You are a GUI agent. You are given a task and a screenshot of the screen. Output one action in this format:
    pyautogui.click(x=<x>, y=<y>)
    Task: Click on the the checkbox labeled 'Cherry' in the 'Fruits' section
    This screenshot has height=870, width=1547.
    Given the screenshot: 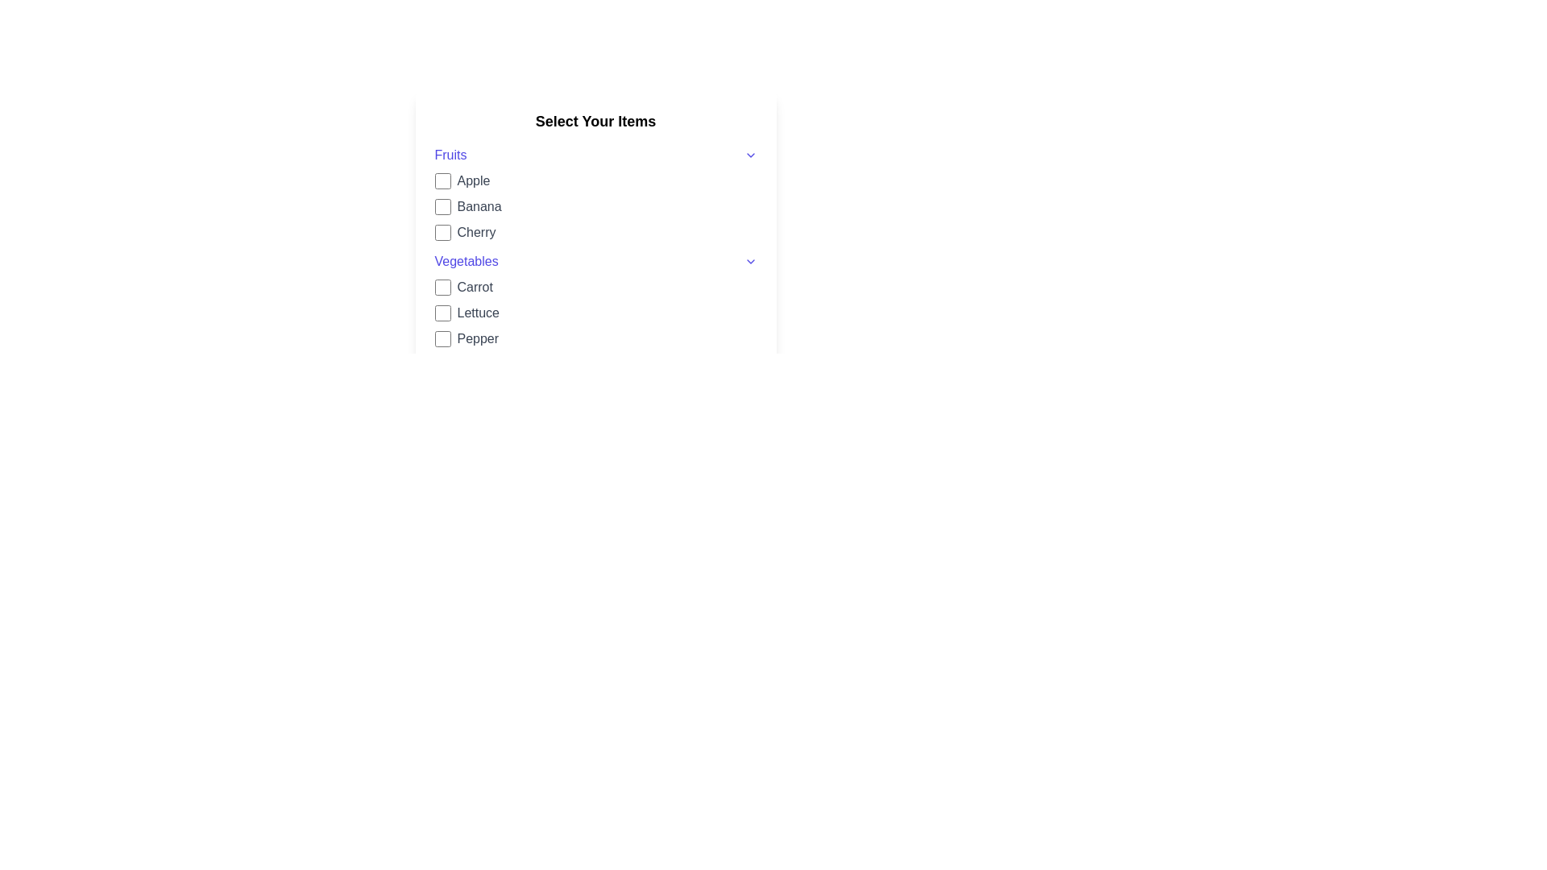 What is the action you would take?
    pyautogui.click(x=595, y=233)
    